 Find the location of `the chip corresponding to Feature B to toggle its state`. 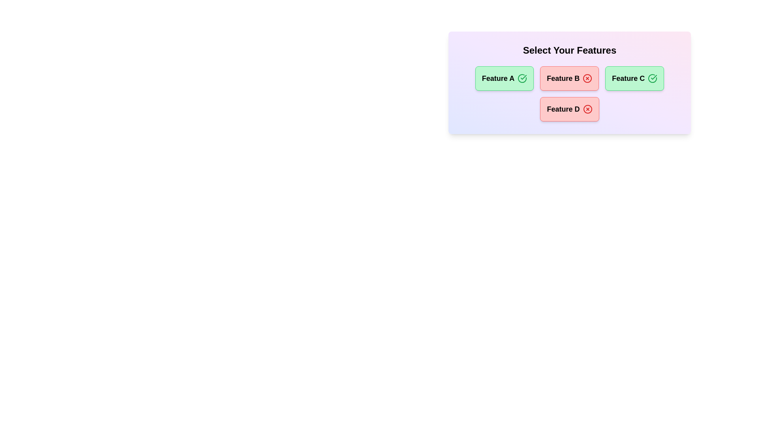

the chip corresponding to Feature B to toggle its state is located at coordinates (569, 78).